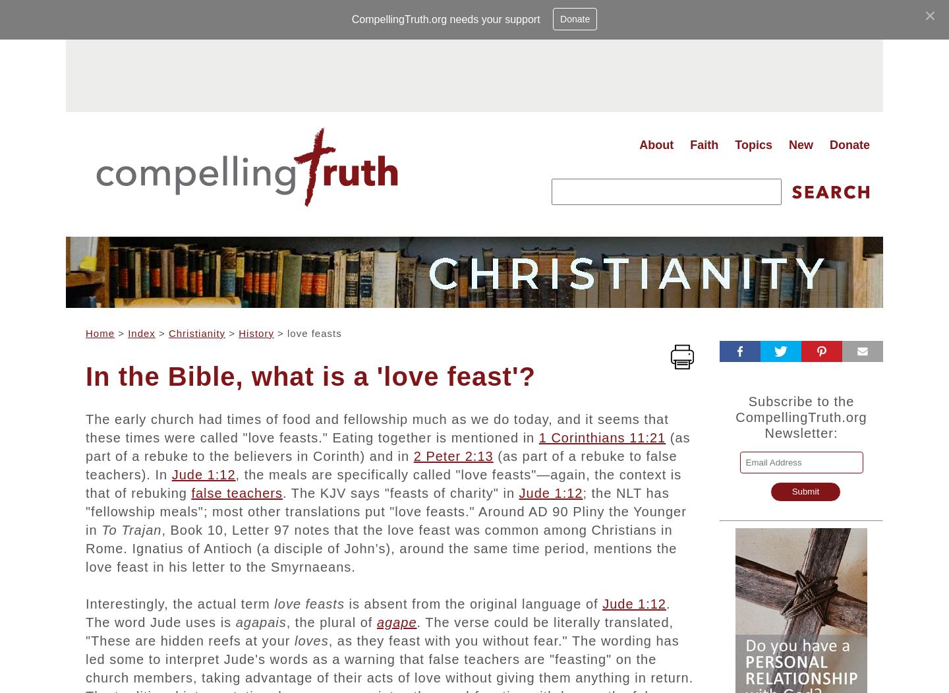 This screenshot has width=949, height=693. Describe the element at coordinates (638, 144) in the screenshot. I see `'About'` at that location.